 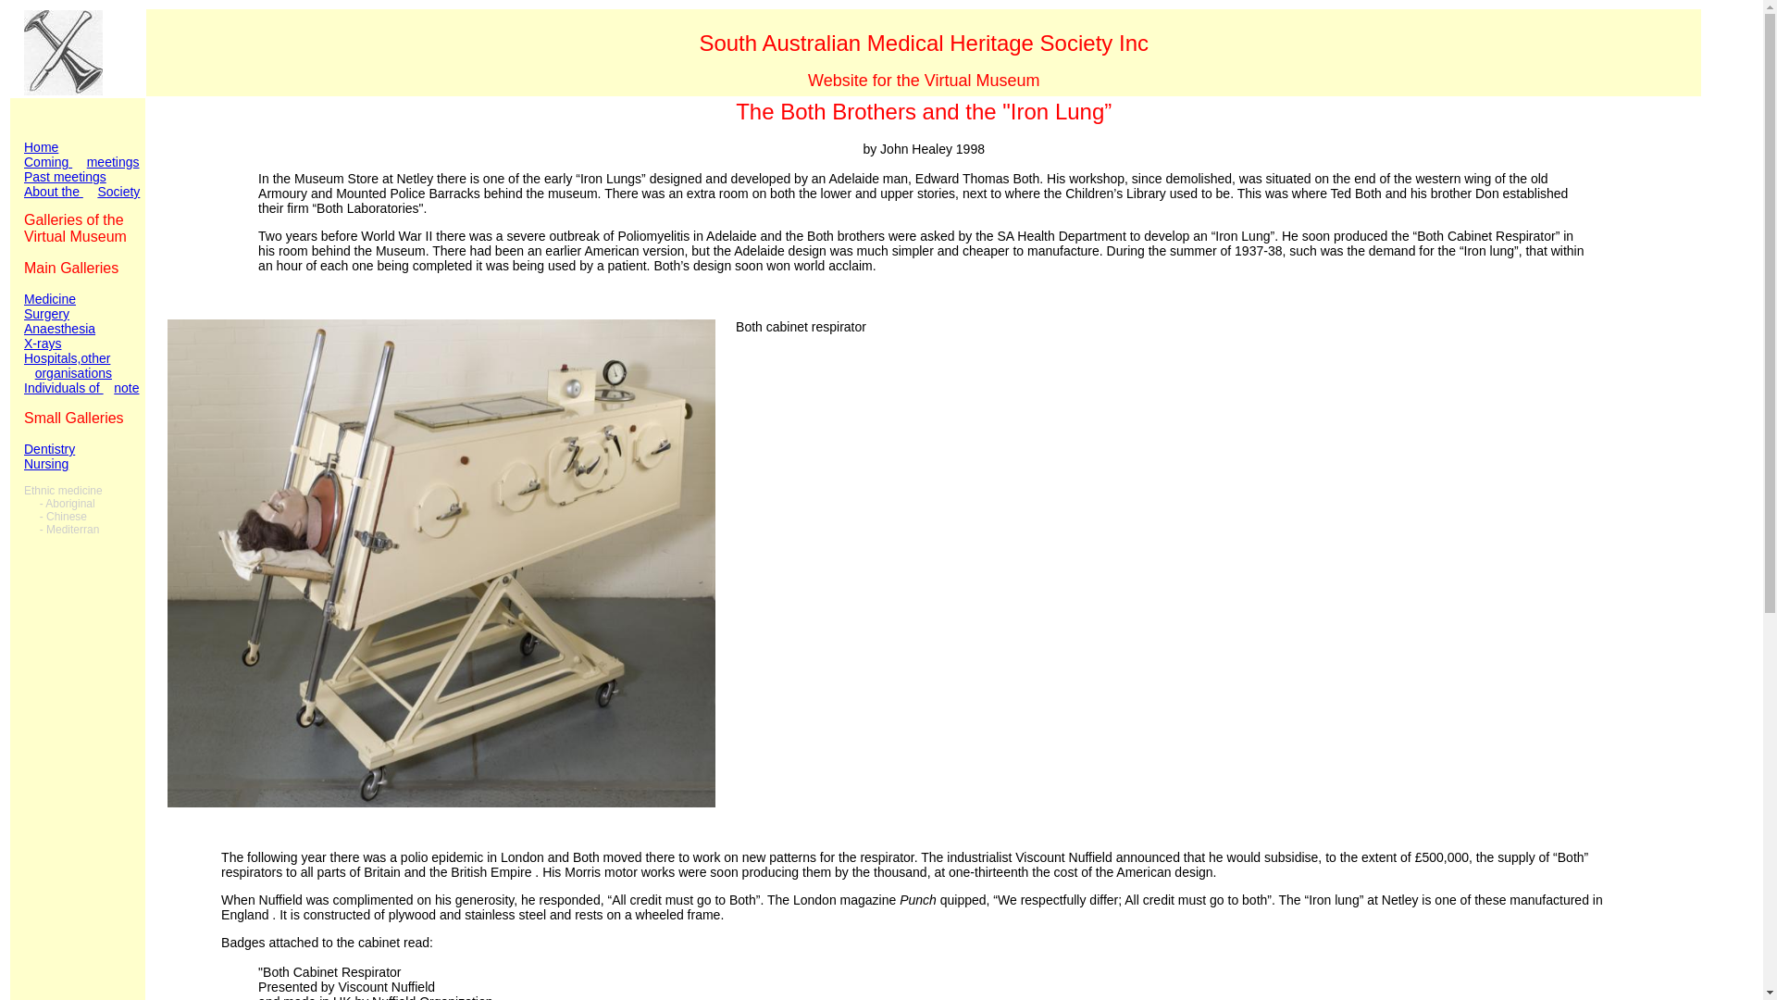 I want to click on 'About the', so click(x=23, y=199).